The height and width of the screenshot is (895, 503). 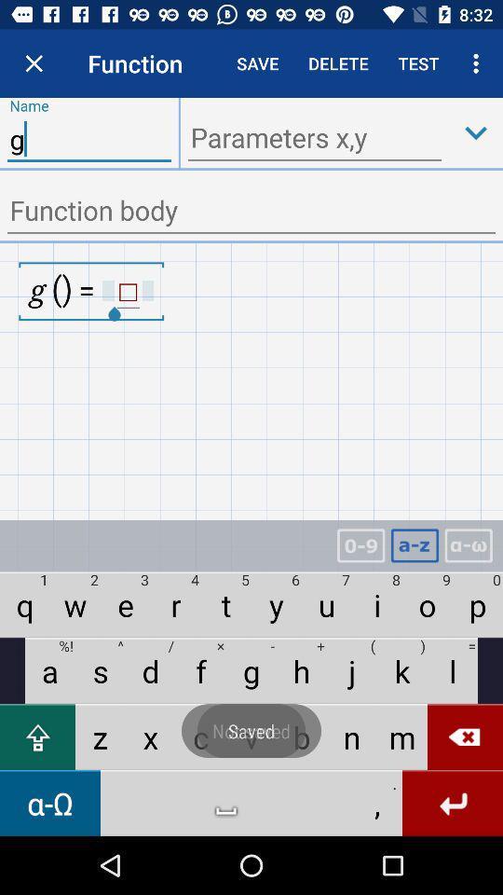 I want to click on switch text font, so click(x=468, y=545).